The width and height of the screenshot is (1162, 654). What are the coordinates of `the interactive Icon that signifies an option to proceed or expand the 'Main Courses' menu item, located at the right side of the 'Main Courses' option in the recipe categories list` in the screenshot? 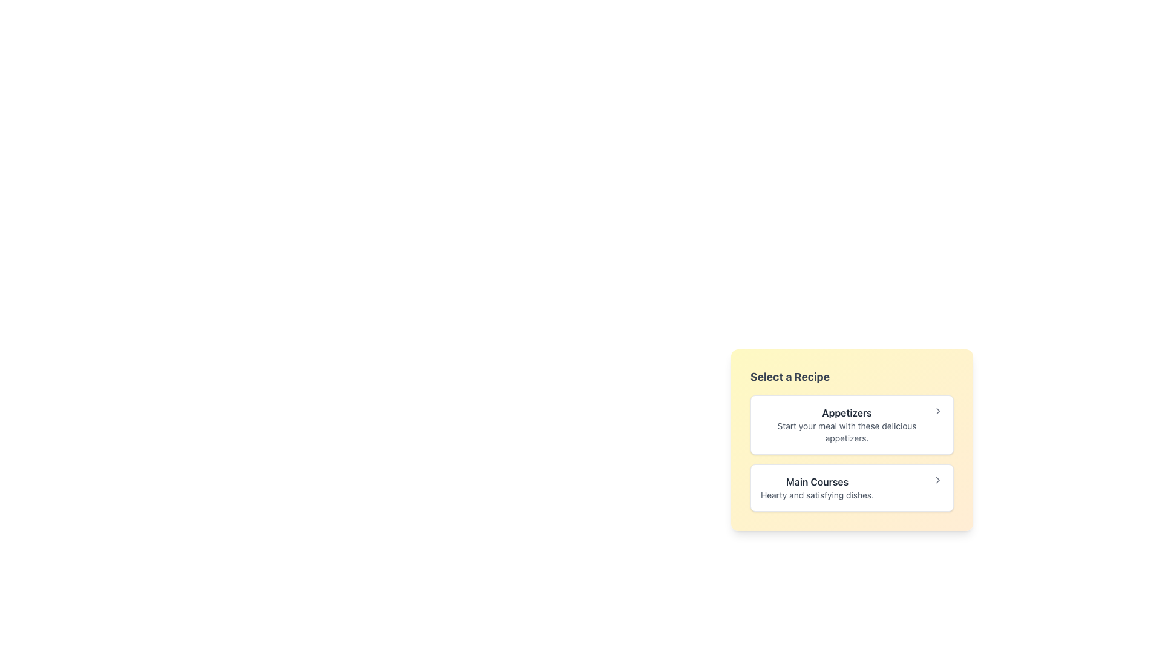 It's located at (937, 480).